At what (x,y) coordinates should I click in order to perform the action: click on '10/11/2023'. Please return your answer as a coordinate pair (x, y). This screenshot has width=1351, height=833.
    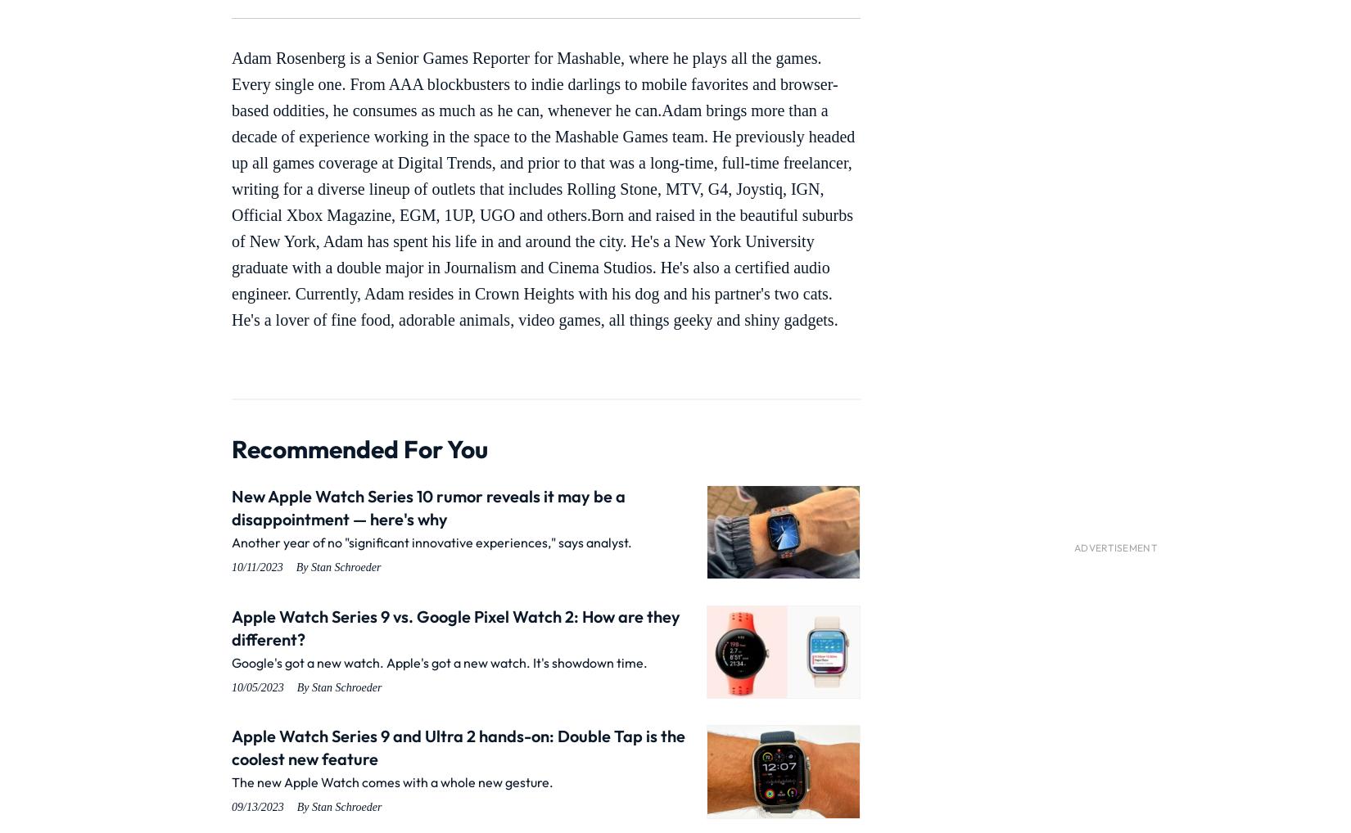
    Looking at the image, I should click on (231, 567).